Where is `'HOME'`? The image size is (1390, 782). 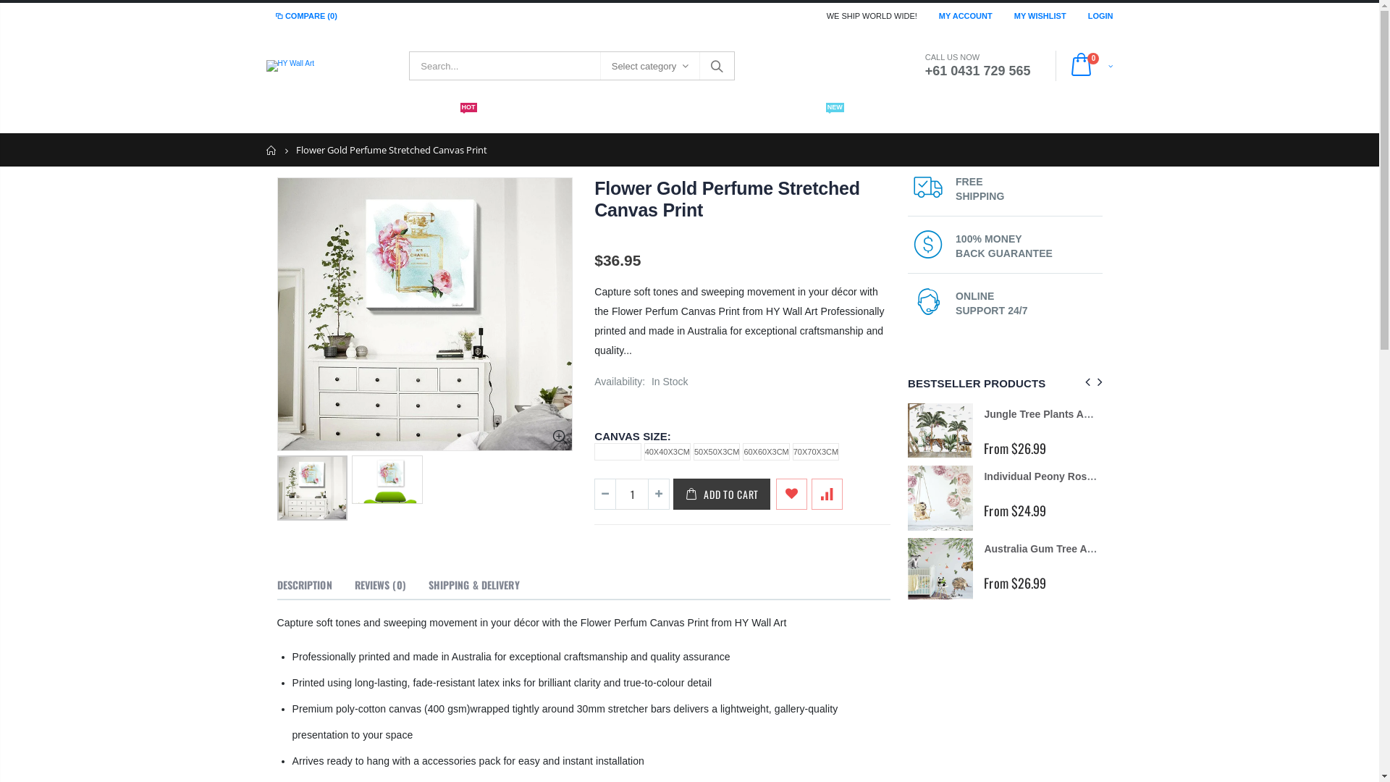 'HOME' is located at coordinates (293, 117).